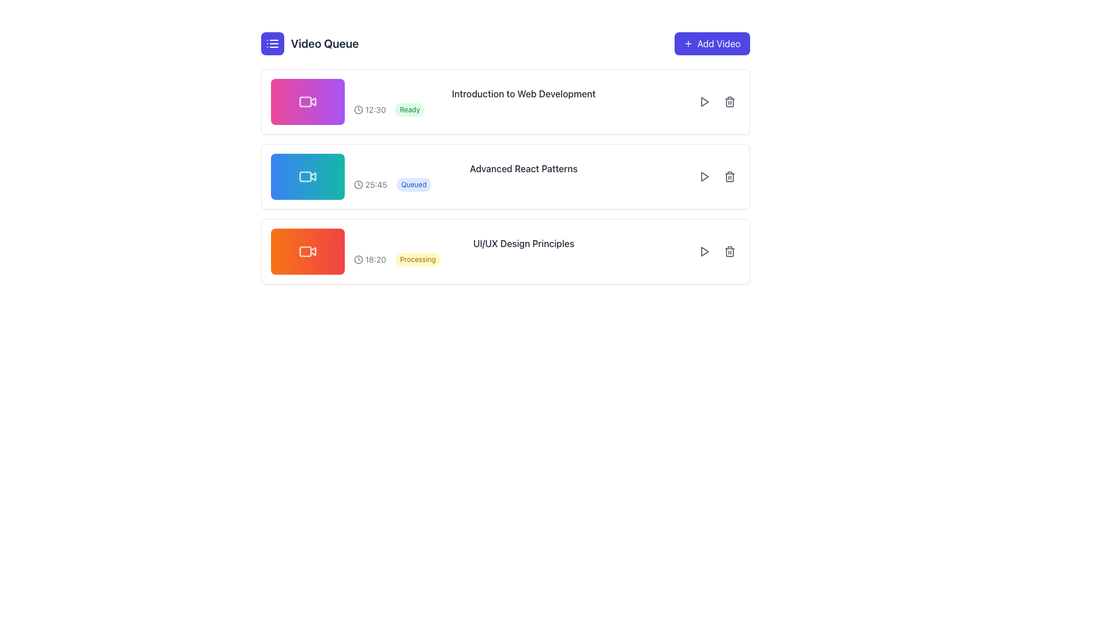 Image resolution: width=1107 pixels, height=622 pixels. I want to click on the pill-shaped indicator labeled 'Queued' with a light blue background, located to the right of the time indicator '25:45' and adjacent to the text label 'Advanced React Patterns', so click(413, 184).